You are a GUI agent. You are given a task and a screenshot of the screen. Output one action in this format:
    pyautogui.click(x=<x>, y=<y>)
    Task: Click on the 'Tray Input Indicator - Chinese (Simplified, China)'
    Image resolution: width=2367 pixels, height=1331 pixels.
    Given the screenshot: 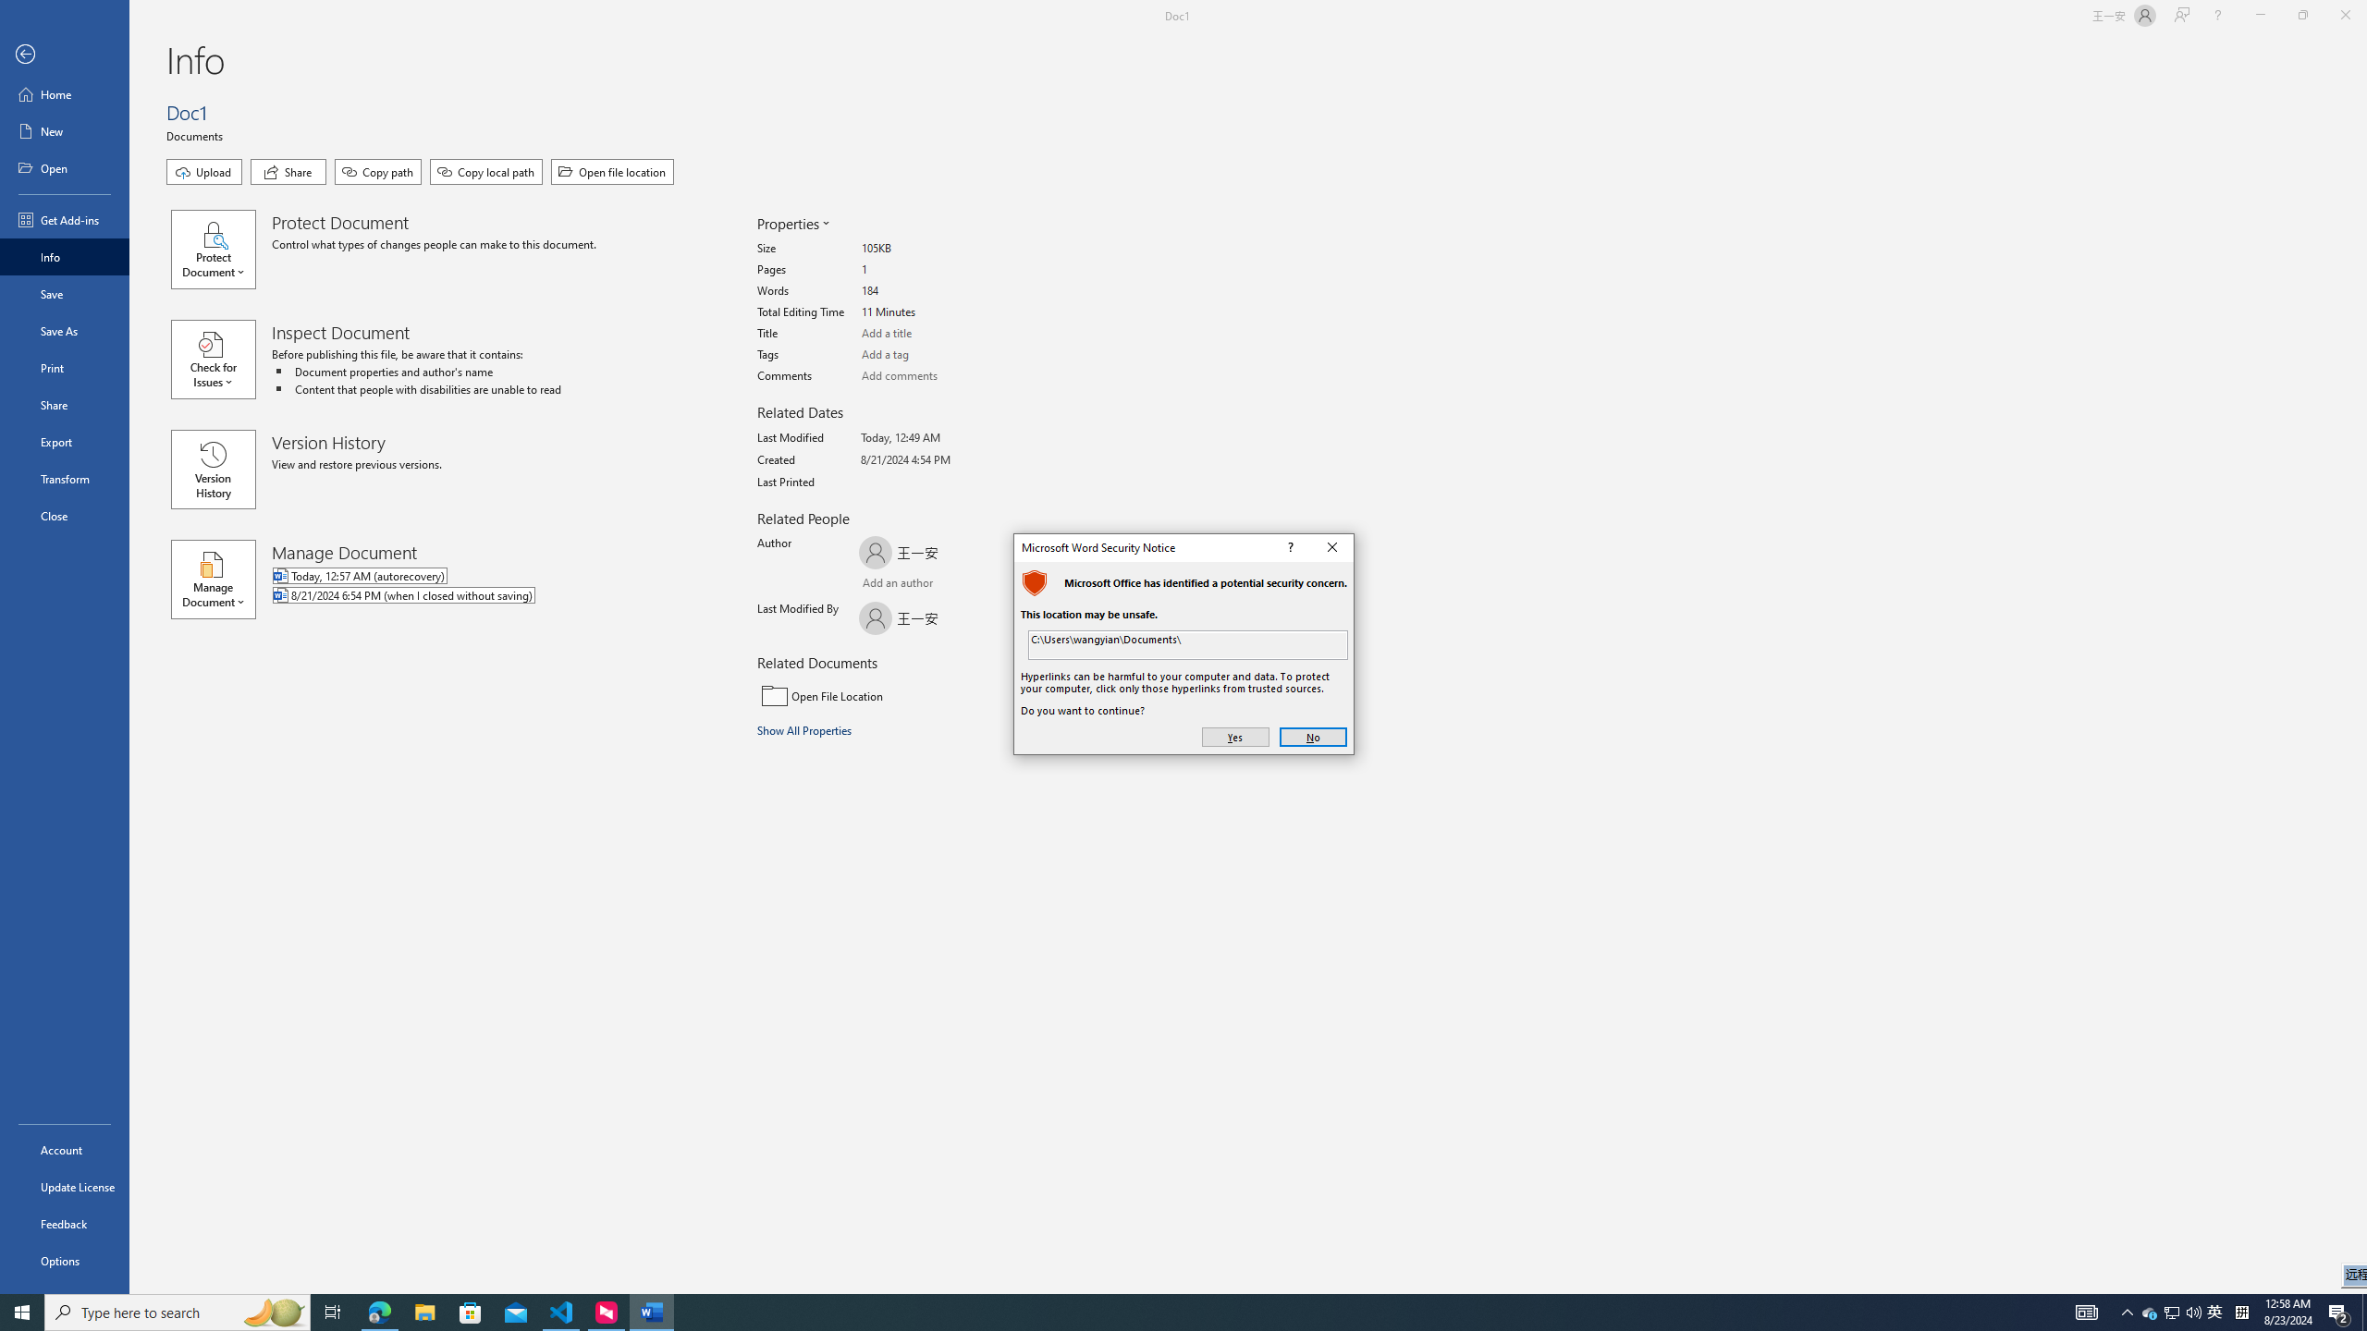 What is the action you would take?
    pyautogui.click(x=2241, y=1311)
    